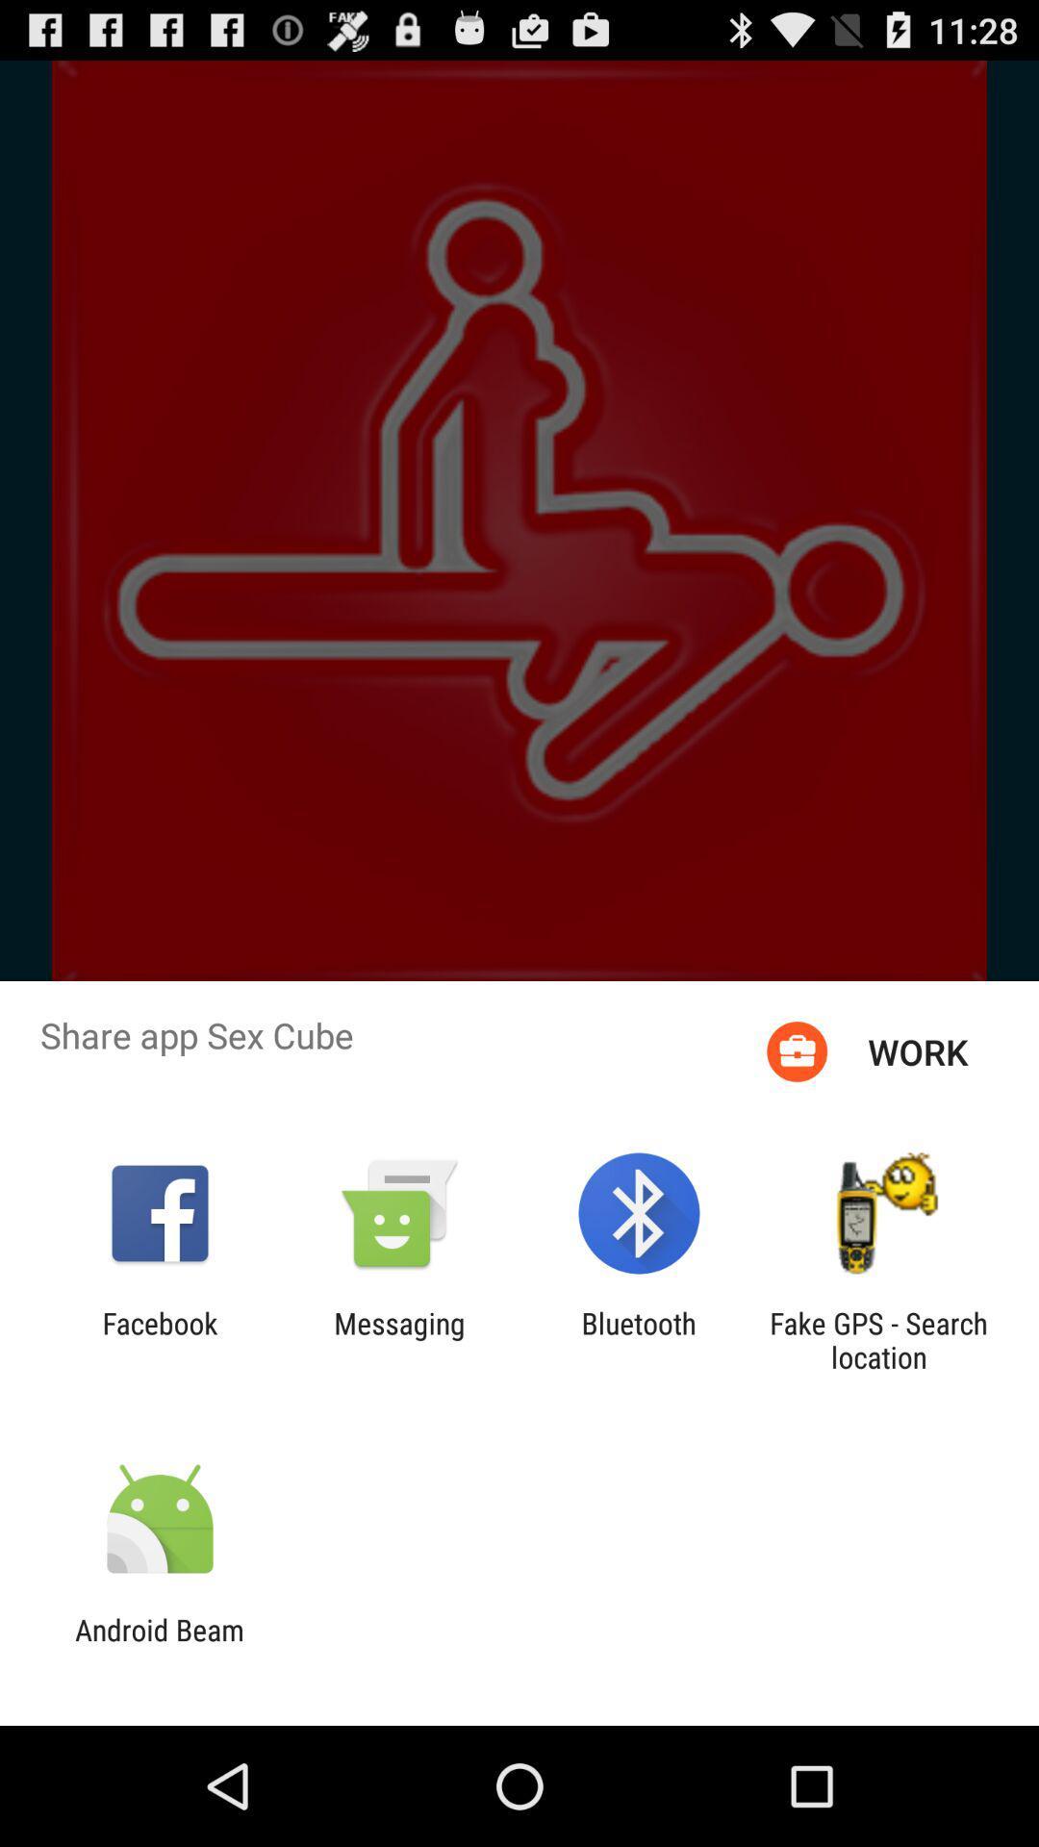  Describe the element at coordinates (159, 1339) in the screenshot. I see `the facebook icon` at that location.